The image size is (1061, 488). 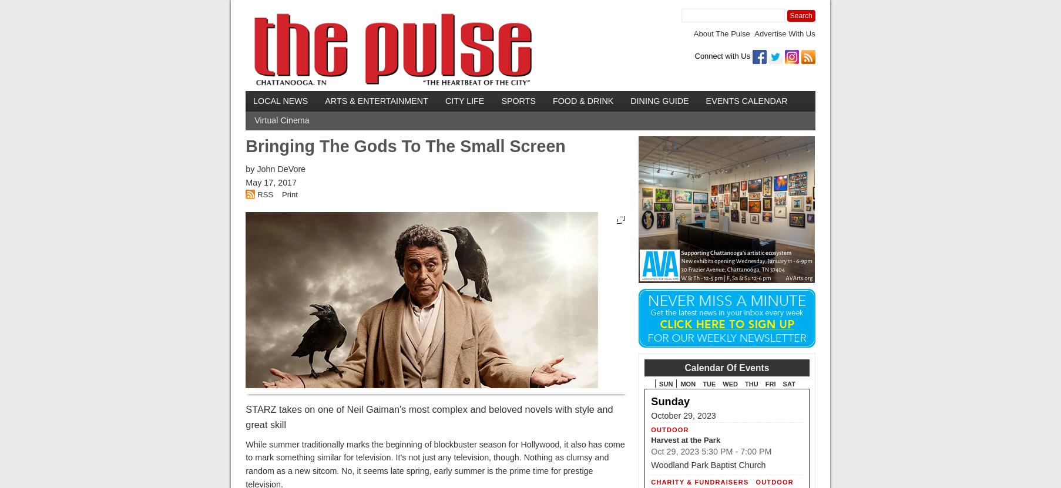 What do you see at coordinates (800, 16) in the screenshot?
I see `'Search'` at bounding box center [800, 16].